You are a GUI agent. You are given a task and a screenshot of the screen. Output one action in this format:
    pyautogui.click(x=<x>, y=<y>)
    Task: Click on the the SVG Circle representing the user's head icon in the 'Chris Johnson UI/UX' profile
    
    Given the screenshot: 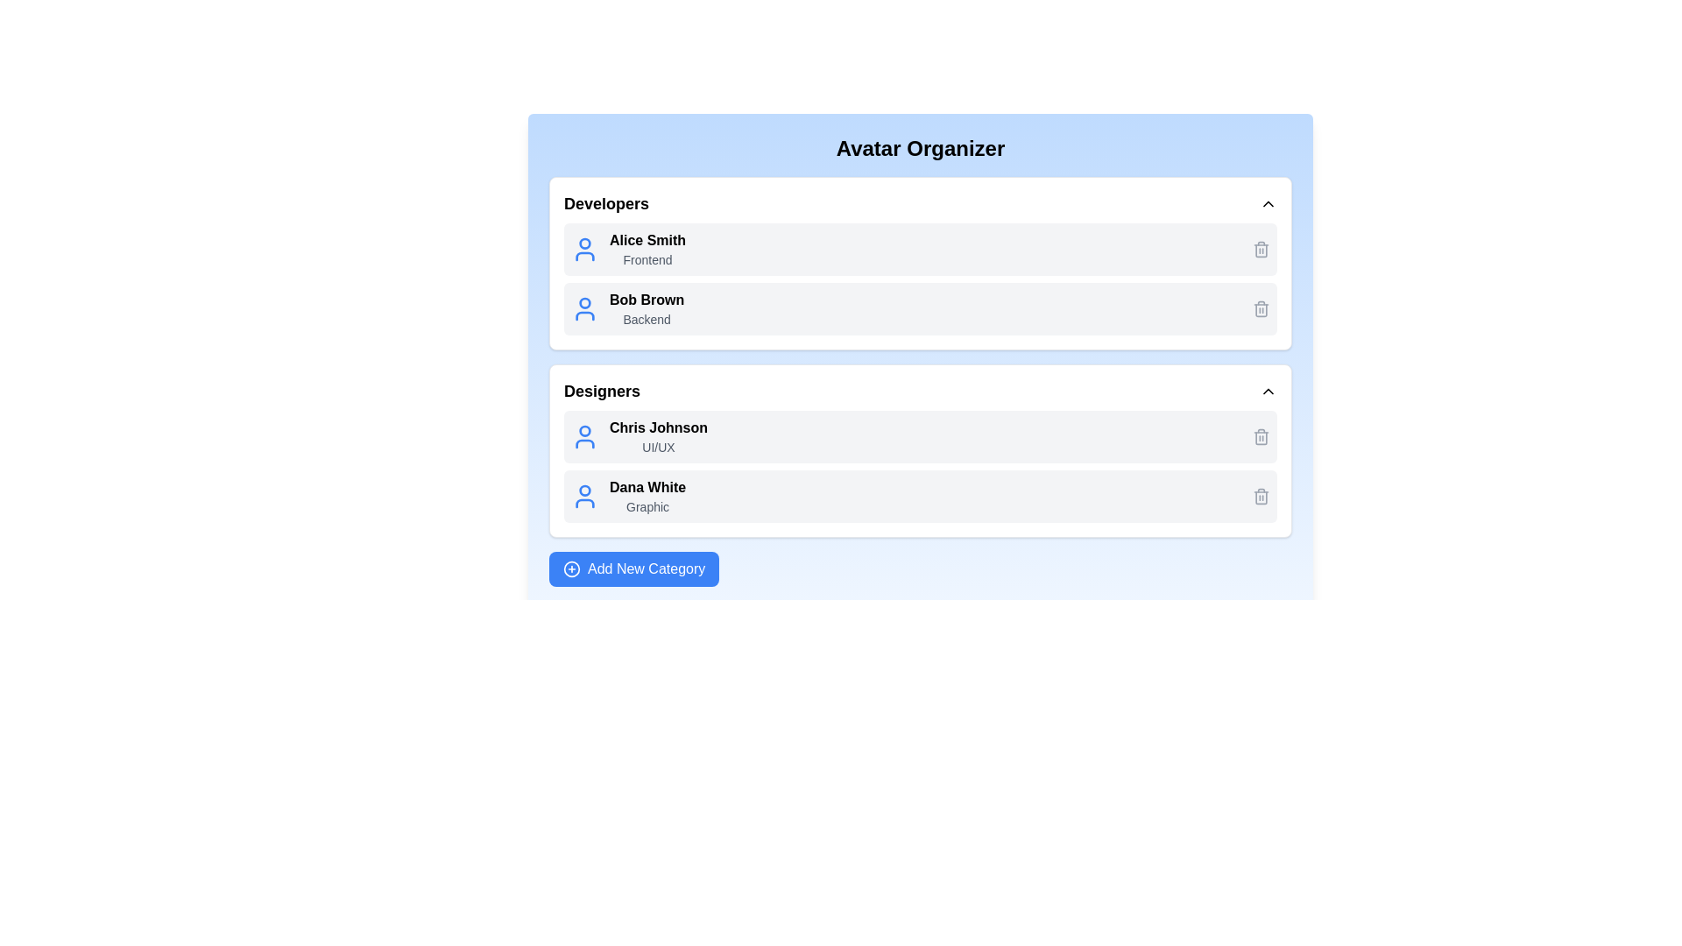 What is the action you would take?
    pyautogui.click(x=584, y=431)
    